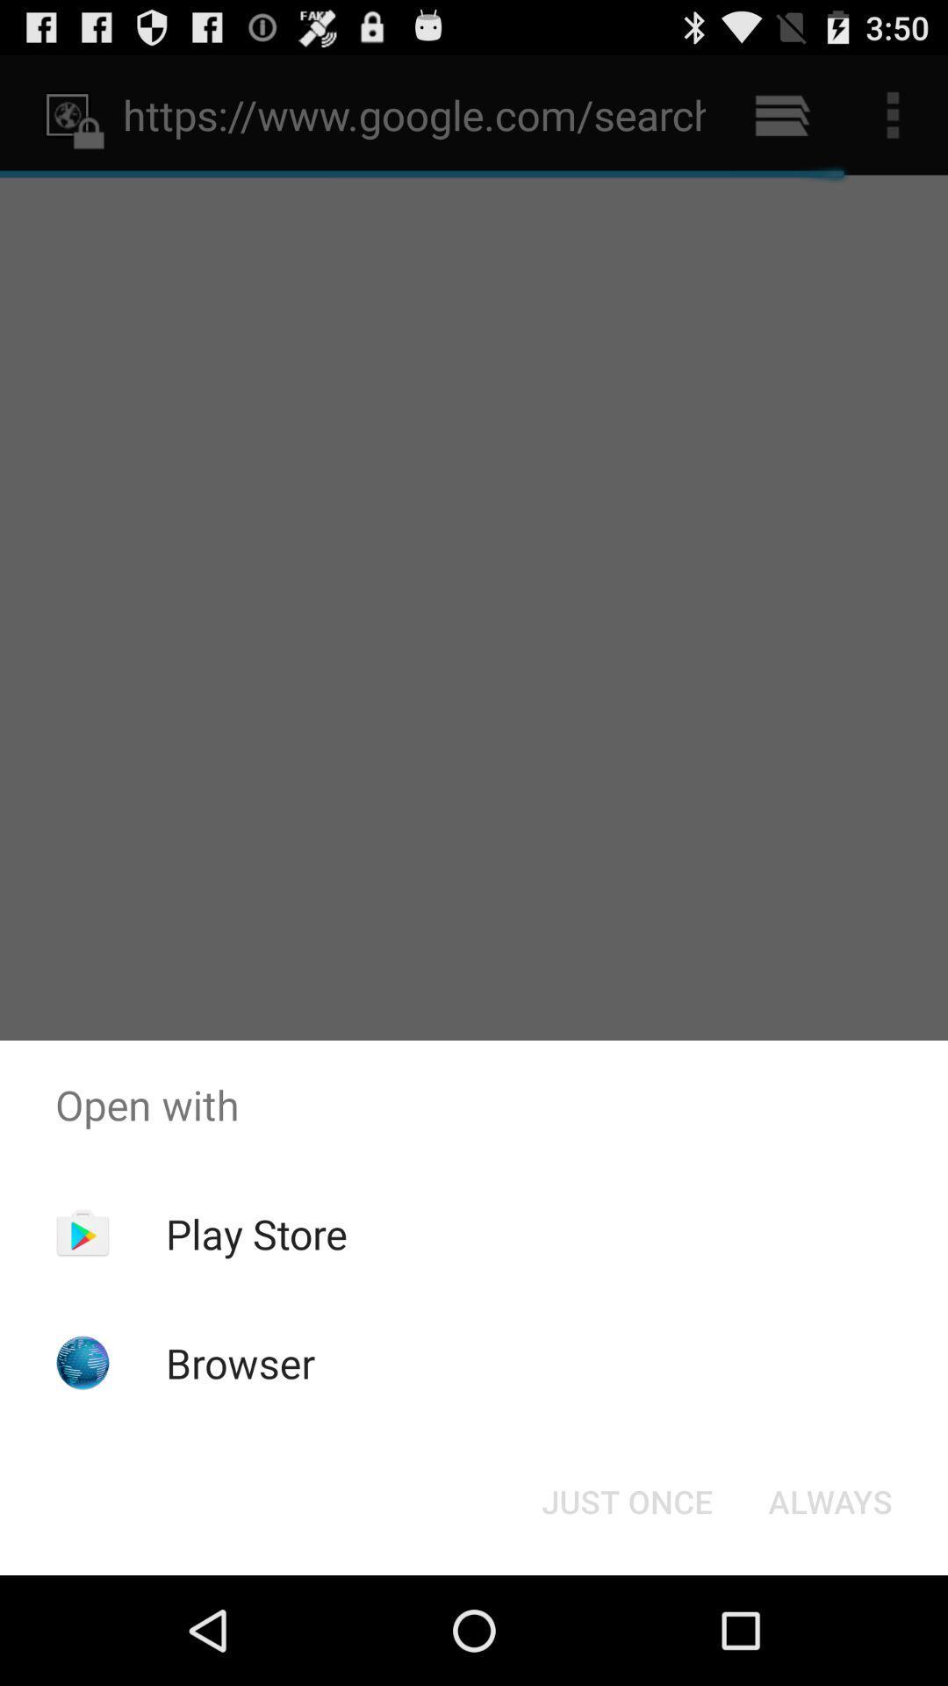  What do you see at coordinates (626, 1500) in the screenshot?
I see `the just once item` at bounding box center [626, 1500].